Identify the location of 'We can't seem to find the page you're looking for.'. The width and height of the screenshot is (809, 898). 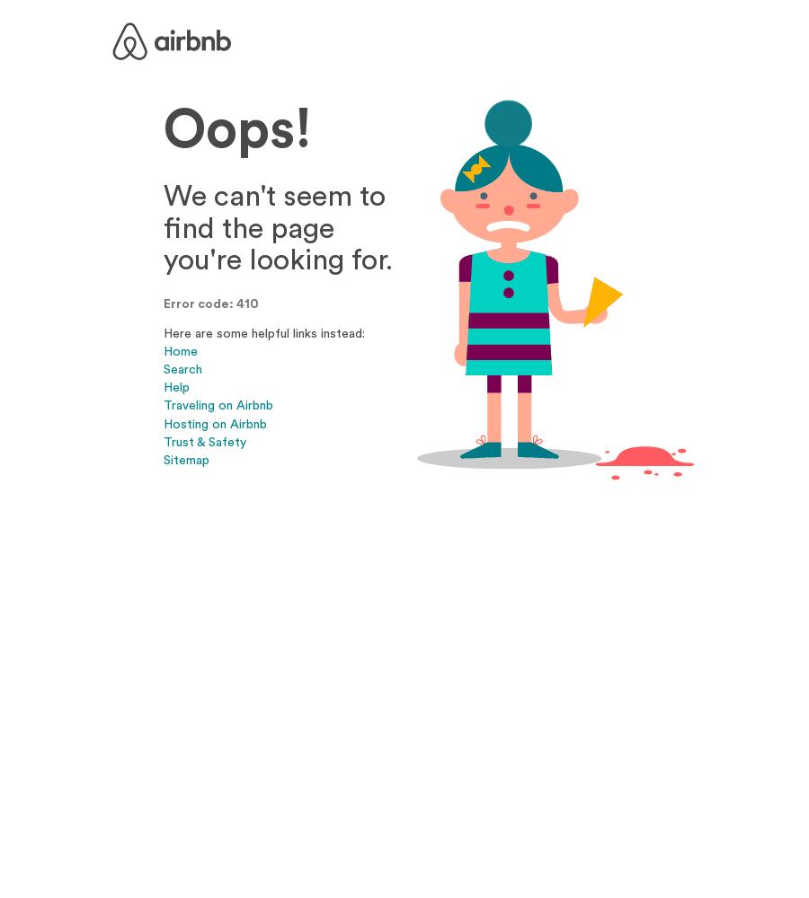
(277, 226).